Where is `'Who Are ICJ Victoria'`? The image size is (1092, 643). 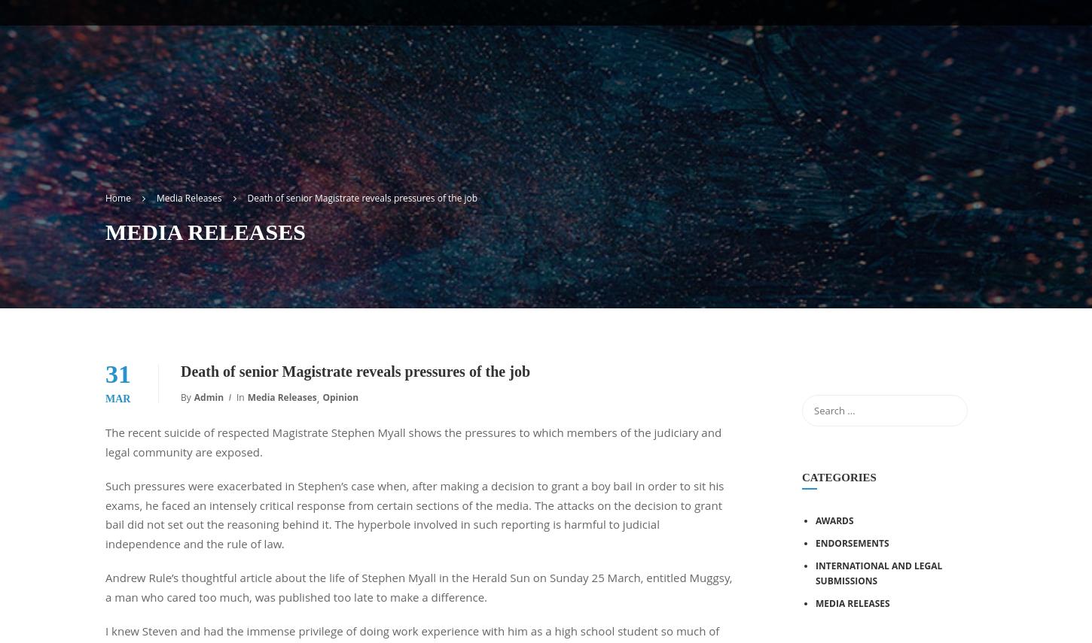
'Who Are ICJ Victoria' is located at coordinates (429, 199).